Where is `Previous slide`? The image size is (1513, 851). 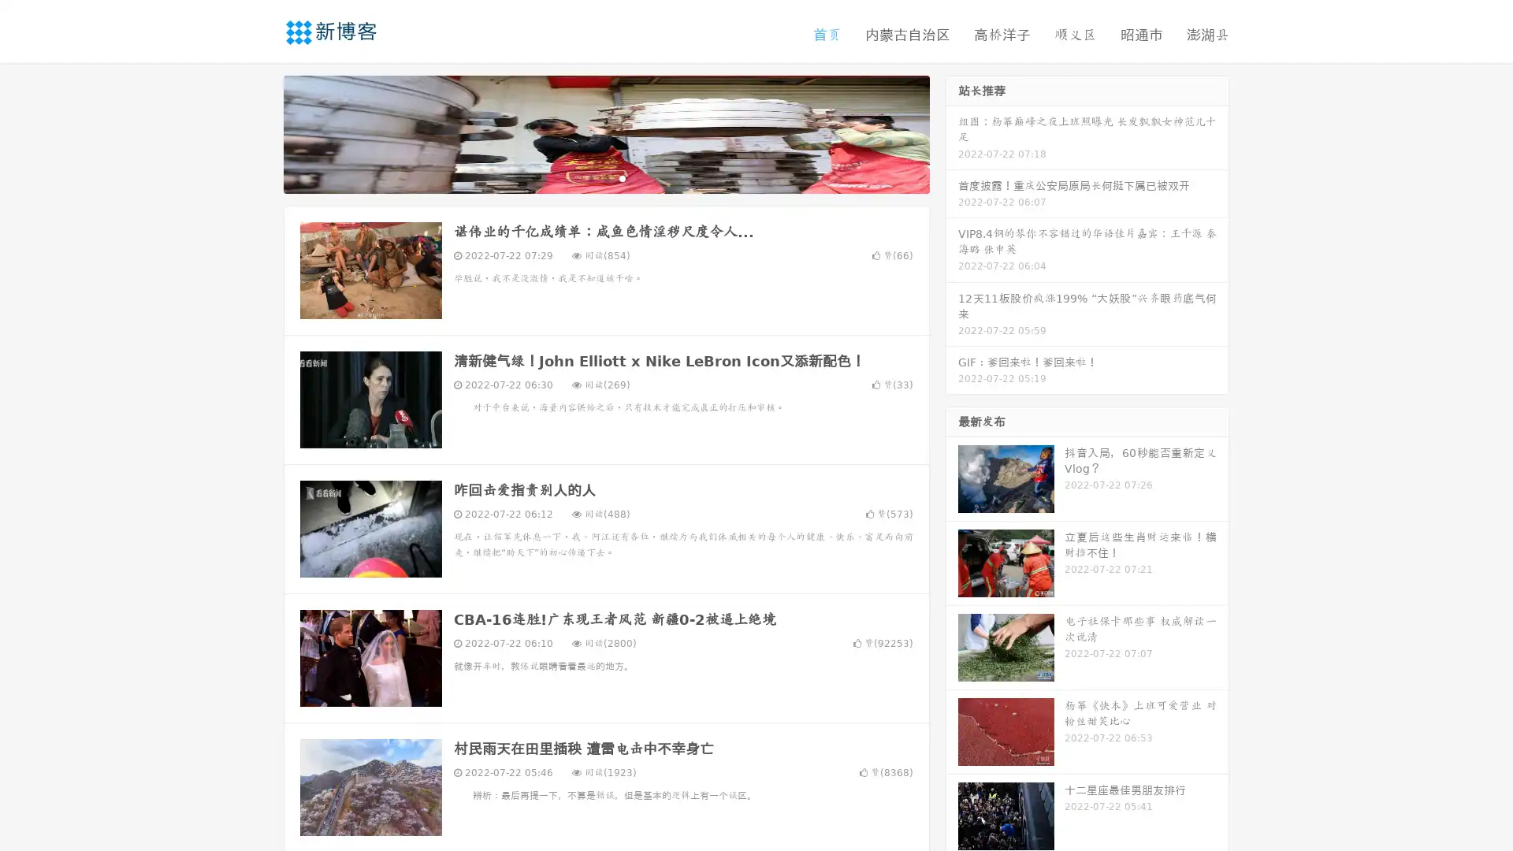
Previous slide is located at coordinates (260, 132).